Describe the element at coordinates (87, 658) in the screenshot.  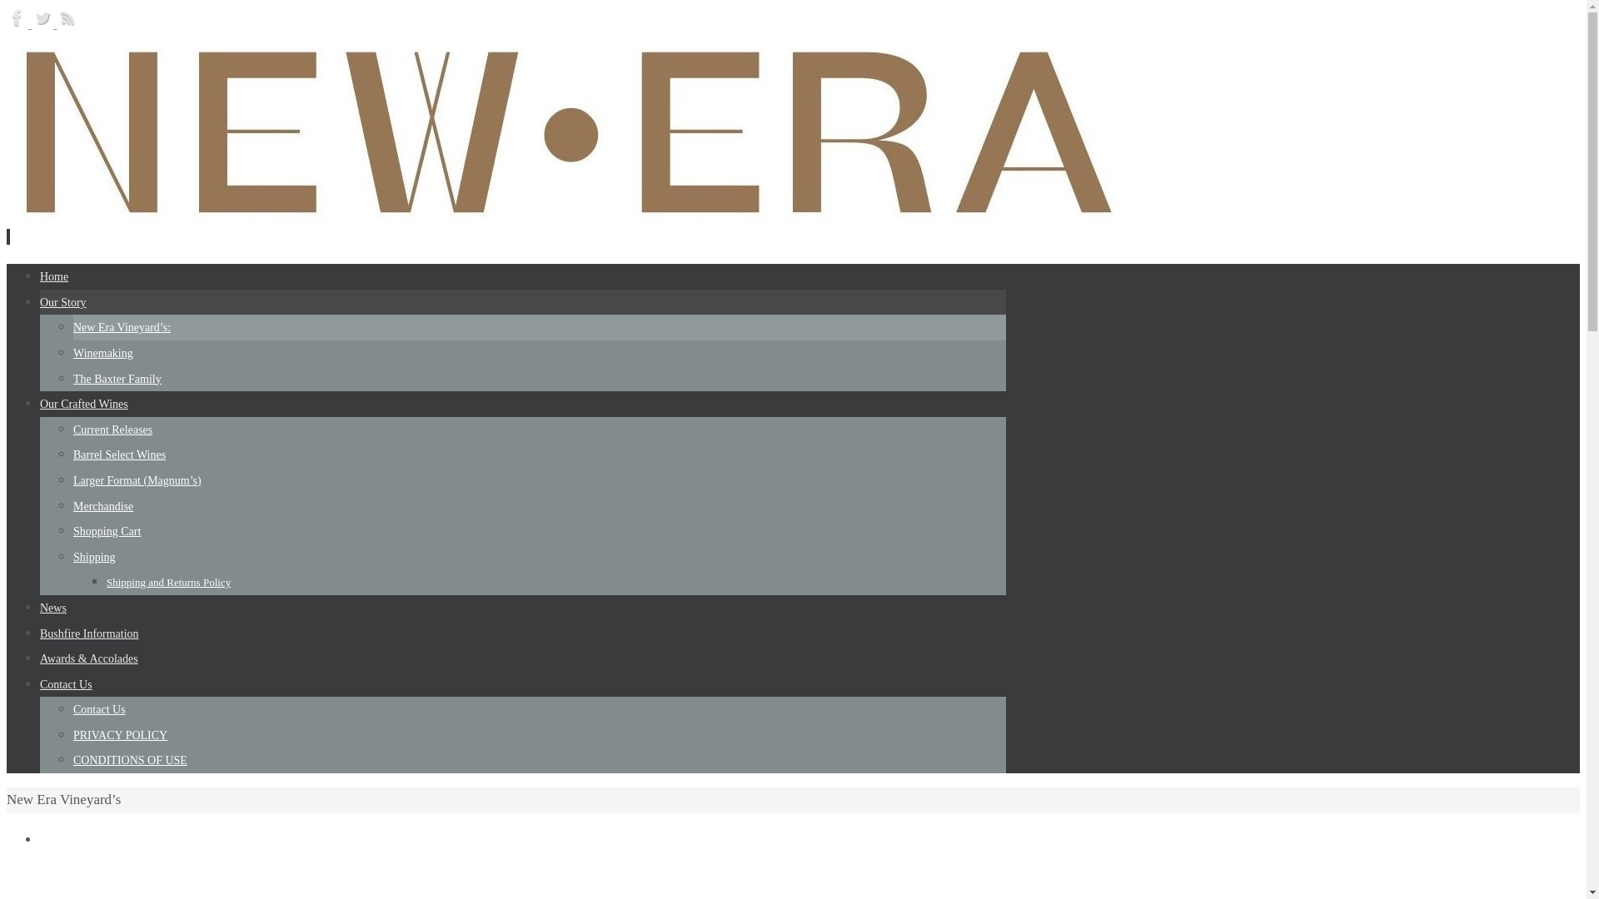
I see `'Awards & Accolades'` at that location.